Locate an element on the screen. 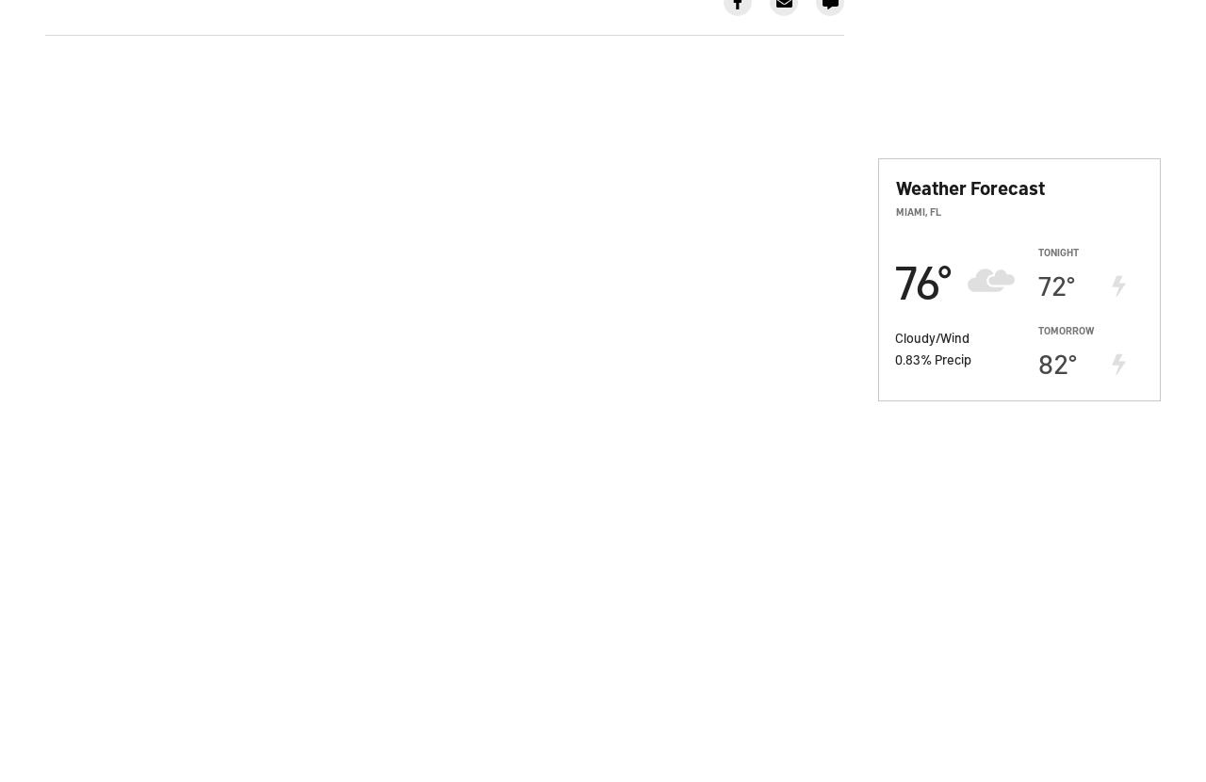 Image resolution: width=1206 pixels, height=782 pixels. '%' is located at coordinates (927, 356).